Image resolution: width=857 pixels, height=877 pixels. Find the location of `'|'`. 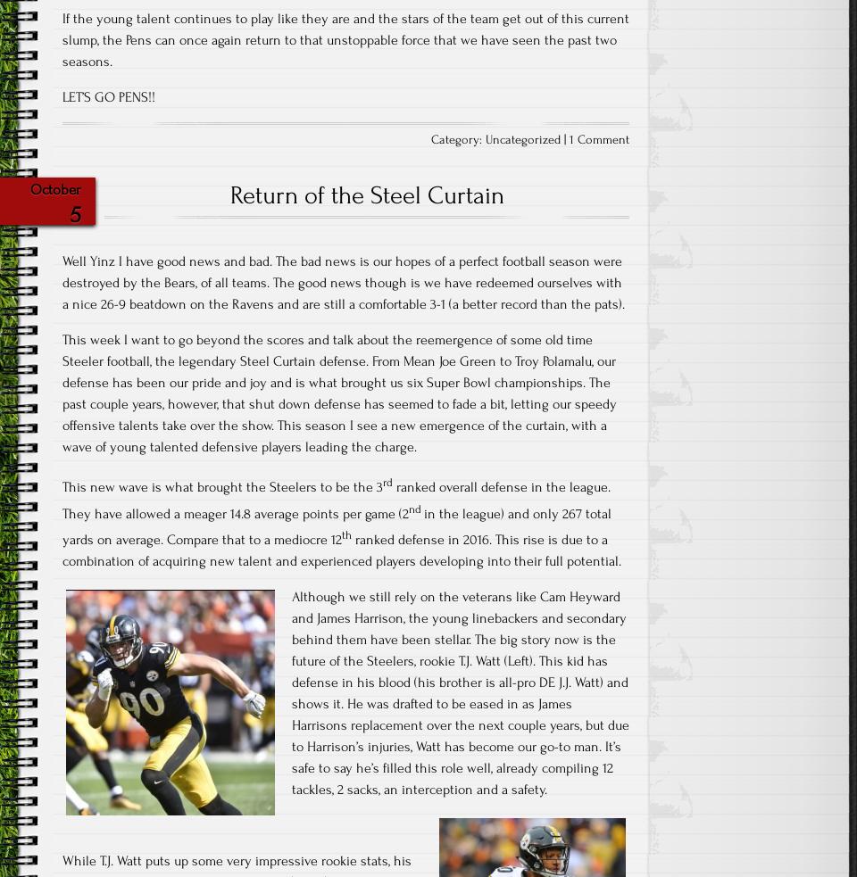

'|' is located at coordinates (560, 138).